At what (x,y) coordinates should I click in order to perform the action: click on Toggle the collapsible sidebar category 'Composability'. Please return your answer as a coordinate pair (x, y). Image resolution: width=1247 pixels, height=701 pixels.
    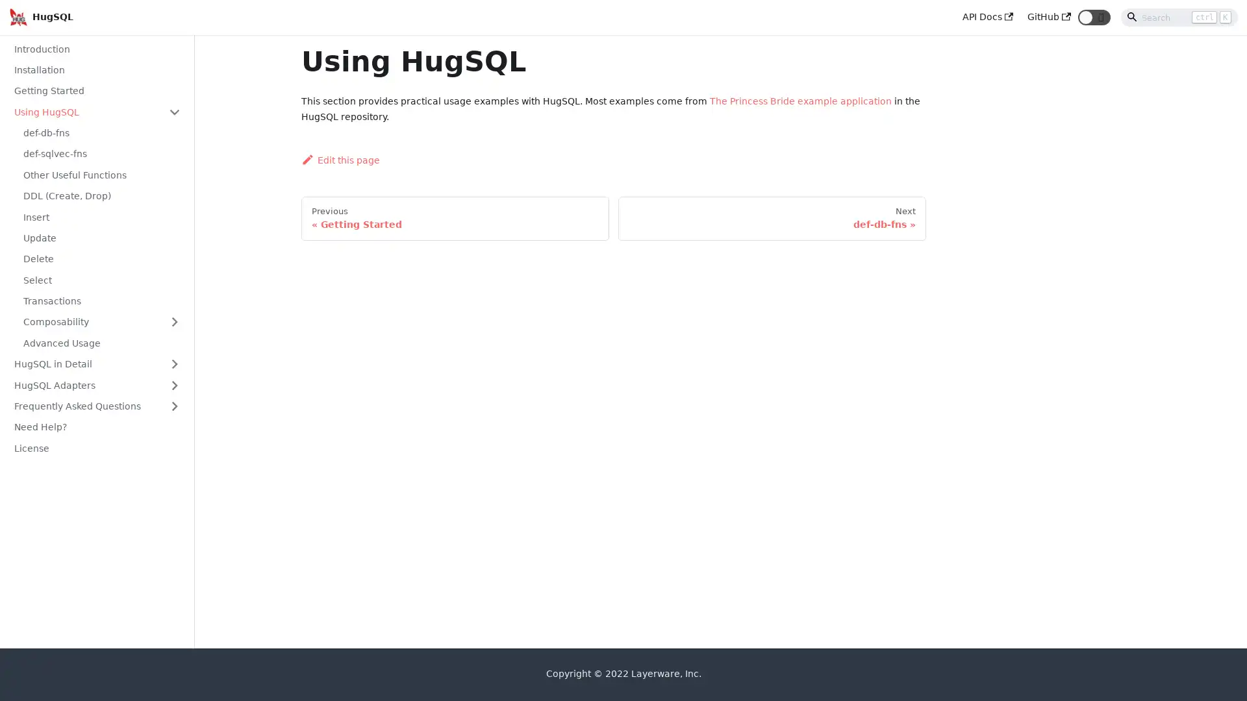
    Looking at the image, I should click on (173, 321).